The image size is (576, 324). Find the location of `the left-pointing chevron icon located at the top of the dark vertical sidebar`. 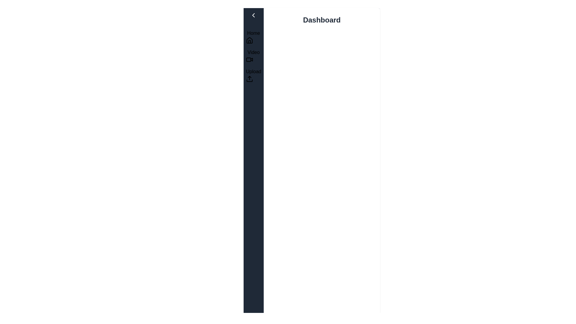

the left-pointing chevron icon located at the top of the dark vertical sidebar is located at coordinates (253, 15).